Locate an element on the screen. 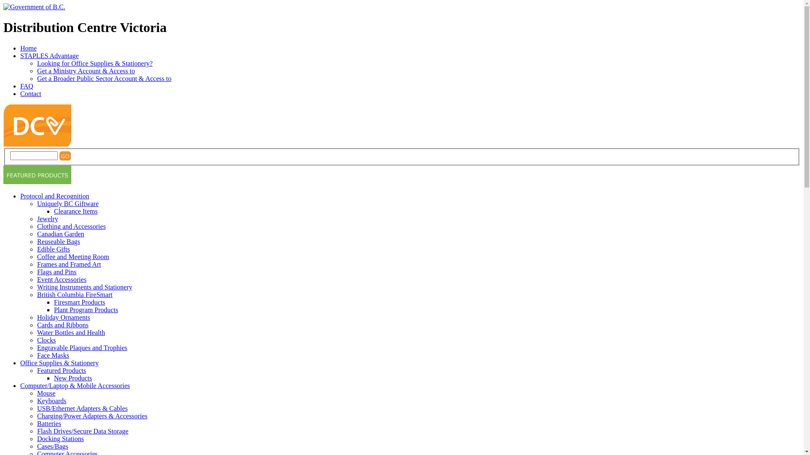 The image size is (810, 455). 'New Products' is located at coordinates (73, 377).